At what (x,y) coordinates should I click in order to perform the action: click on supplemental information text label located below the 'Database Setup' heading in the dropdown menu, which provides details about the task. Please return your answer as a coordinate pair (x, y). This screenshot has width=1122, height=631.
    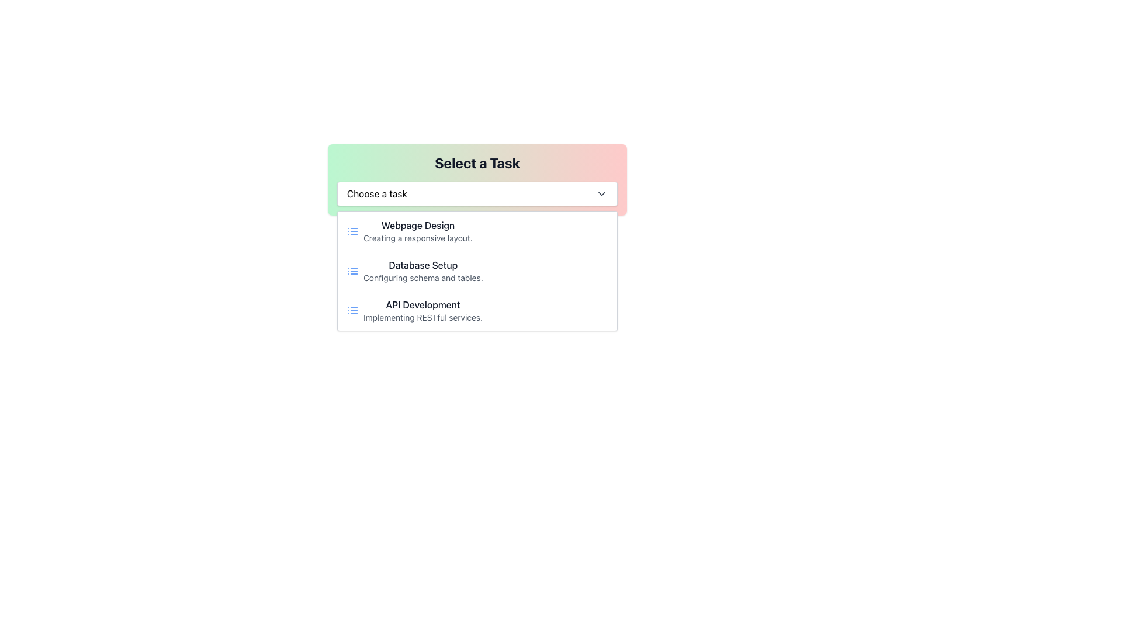
    Looking at the image, I should click on (423, 278).